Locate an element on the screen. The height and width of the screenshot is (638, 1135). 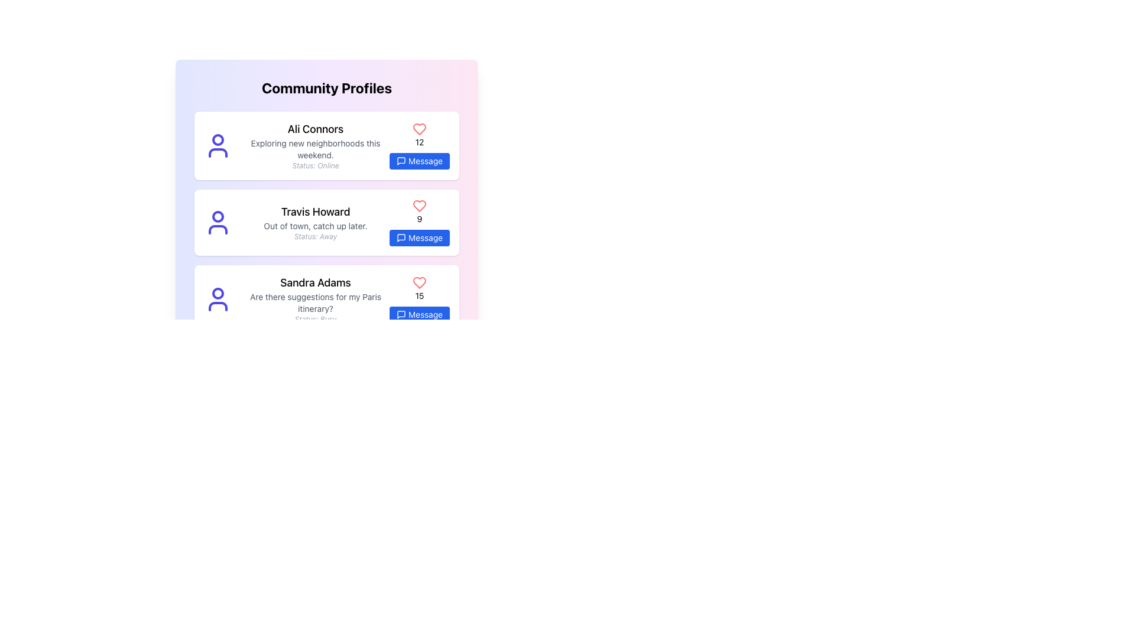
upper part of the avatar icon representing the user's head in the profile list for design or code purposes is located at coordinates (218, 293).